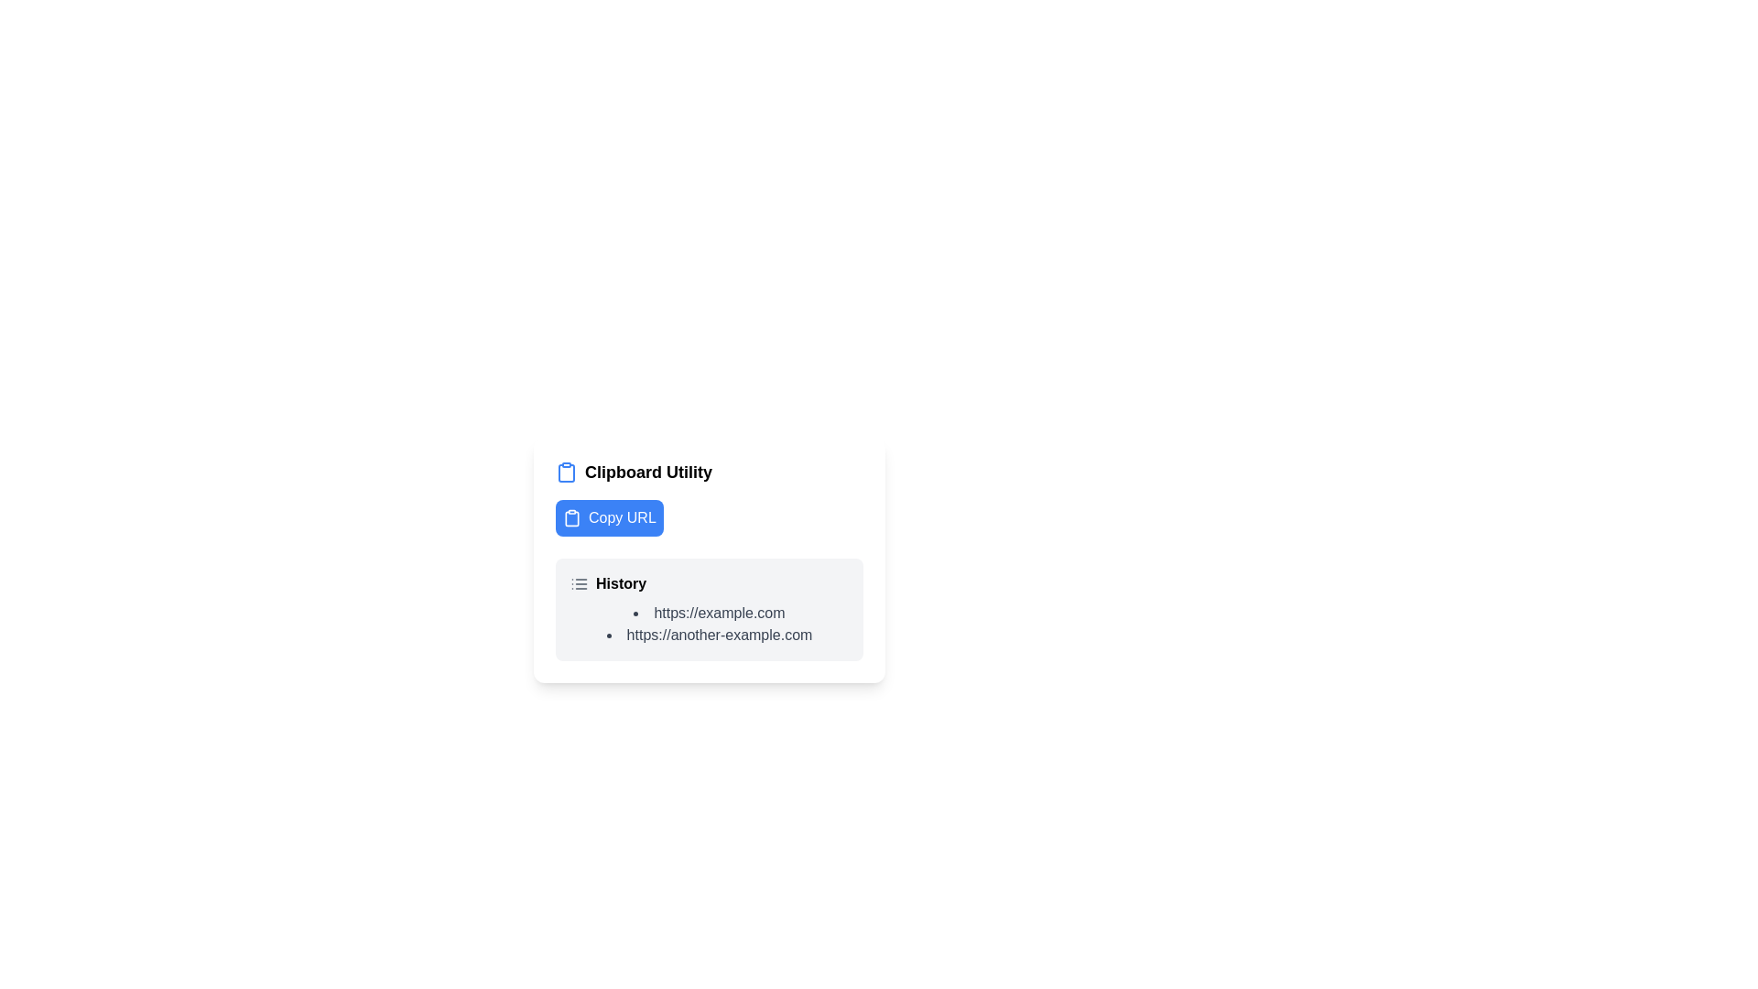 The height and width of the screenshot is (989, 1758). I want to click on the rectangular blue button labeled 'Copy URL' with a clipboard icon, so click(609, 518).